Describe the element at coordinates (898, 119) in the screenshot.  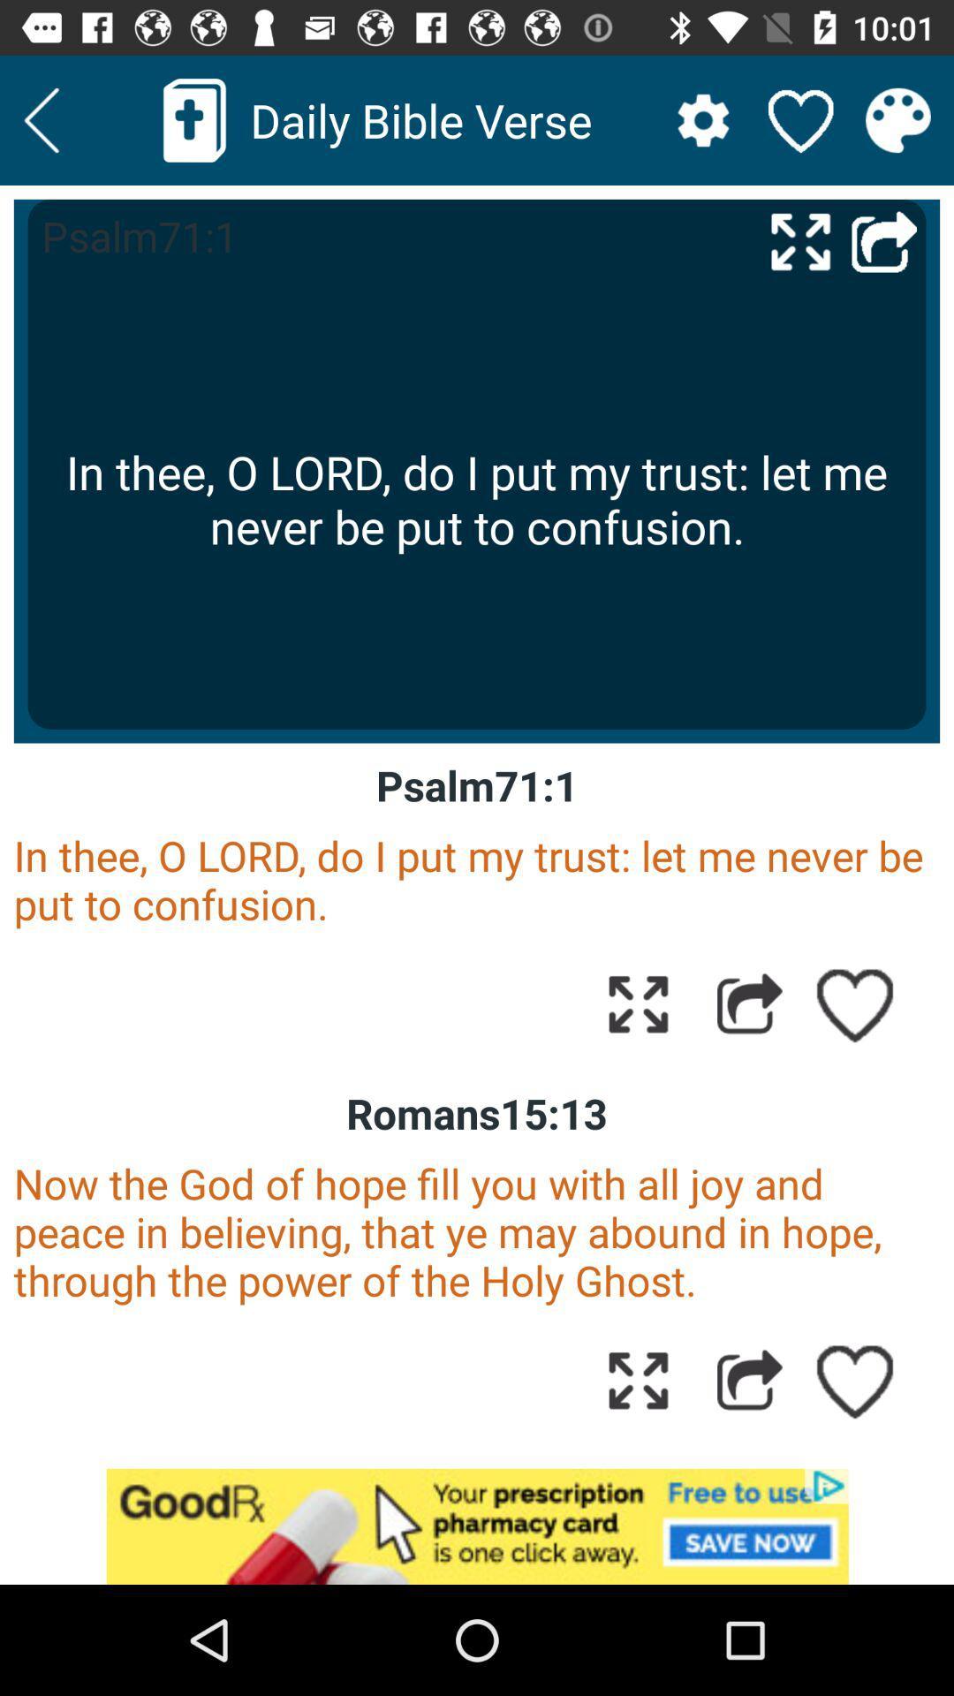
I see `colour selection` at that location.